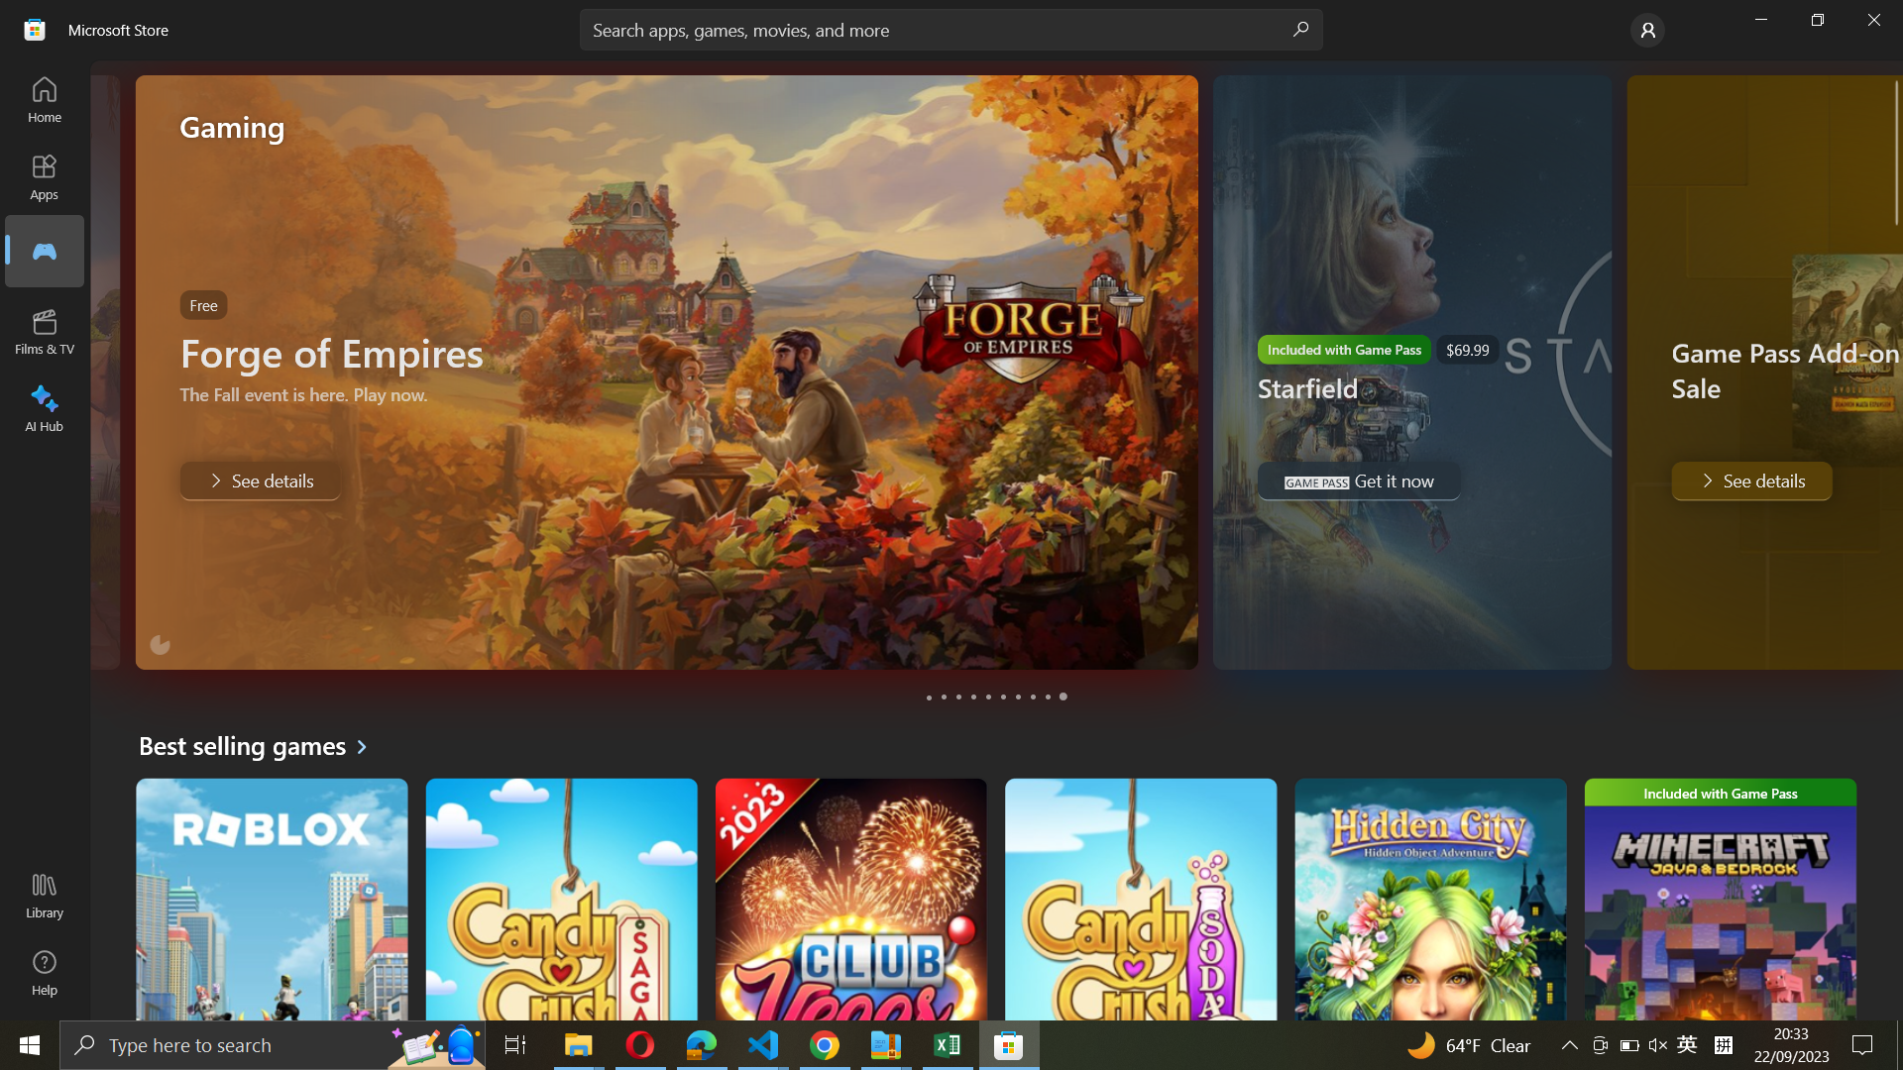 This screenshot has width=1903, height=1070. I want to click on Extract list of most purchased games, so click(260, 745).